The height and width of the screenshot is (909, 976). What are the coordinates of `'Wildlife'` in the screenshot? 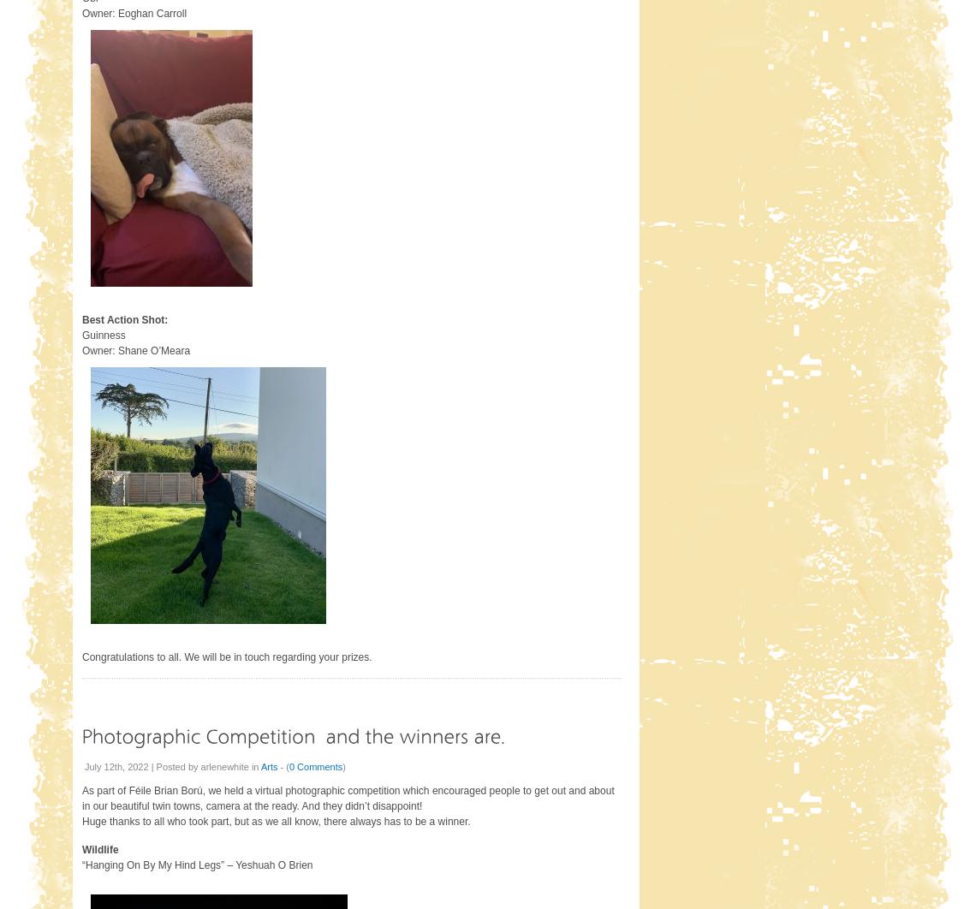 It's located at (98, 848).